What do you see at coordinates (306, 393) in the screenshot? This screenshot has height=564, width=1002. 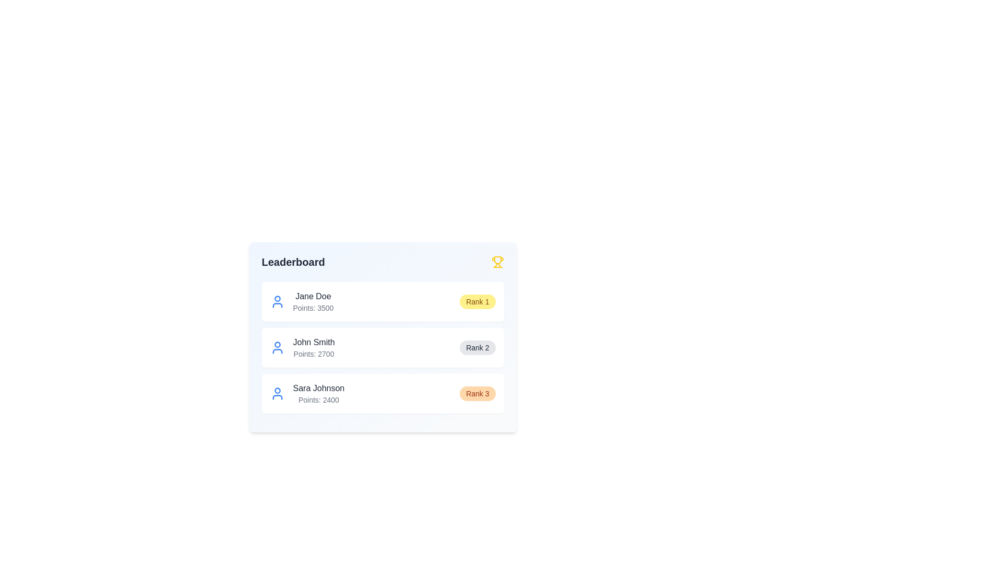 I see `the leaderboard entry displaying the name 'Sara Johnson', which is the third item in the leaderboard and shows 'Rank 3'` at bounding box center [306, 393].